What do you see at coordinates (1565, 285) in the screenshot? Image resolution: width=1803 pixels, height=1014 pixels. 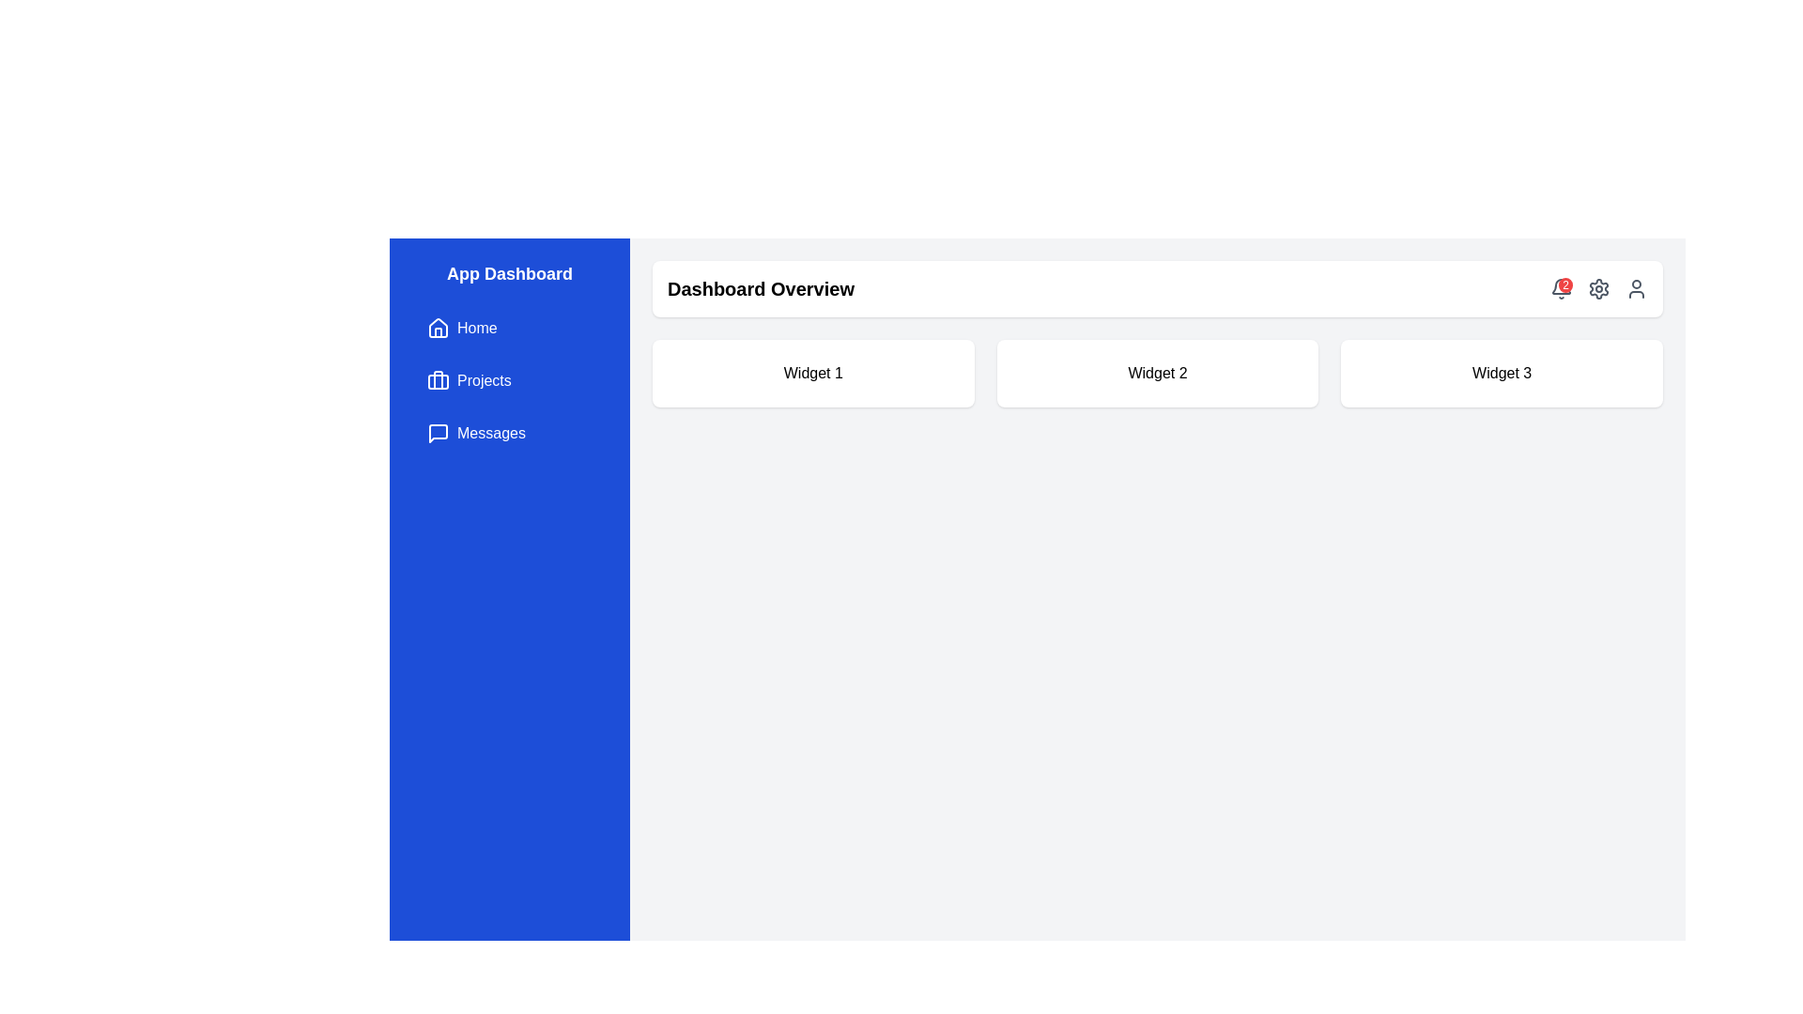 I see `the small circular red badge with white text '2' located at the top-right corner of the notification bell icon in the header bar` at bounding box center [1565, 285].